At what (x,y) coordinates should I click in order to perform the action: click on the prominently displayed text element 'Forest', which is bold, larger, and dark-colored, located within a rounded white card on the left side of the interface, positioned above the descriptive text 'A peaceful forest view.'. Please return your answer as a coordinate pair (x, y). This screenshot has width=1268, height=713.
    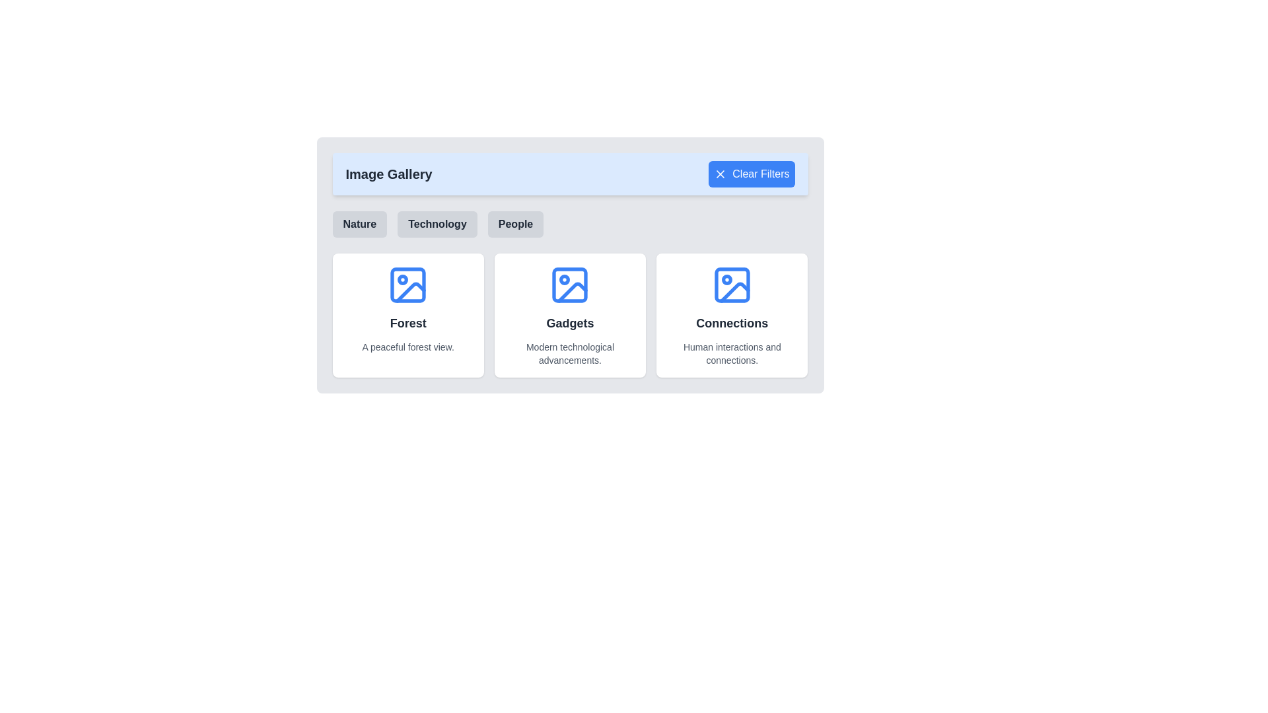
    Looking at the image, I should click on (407, 323).